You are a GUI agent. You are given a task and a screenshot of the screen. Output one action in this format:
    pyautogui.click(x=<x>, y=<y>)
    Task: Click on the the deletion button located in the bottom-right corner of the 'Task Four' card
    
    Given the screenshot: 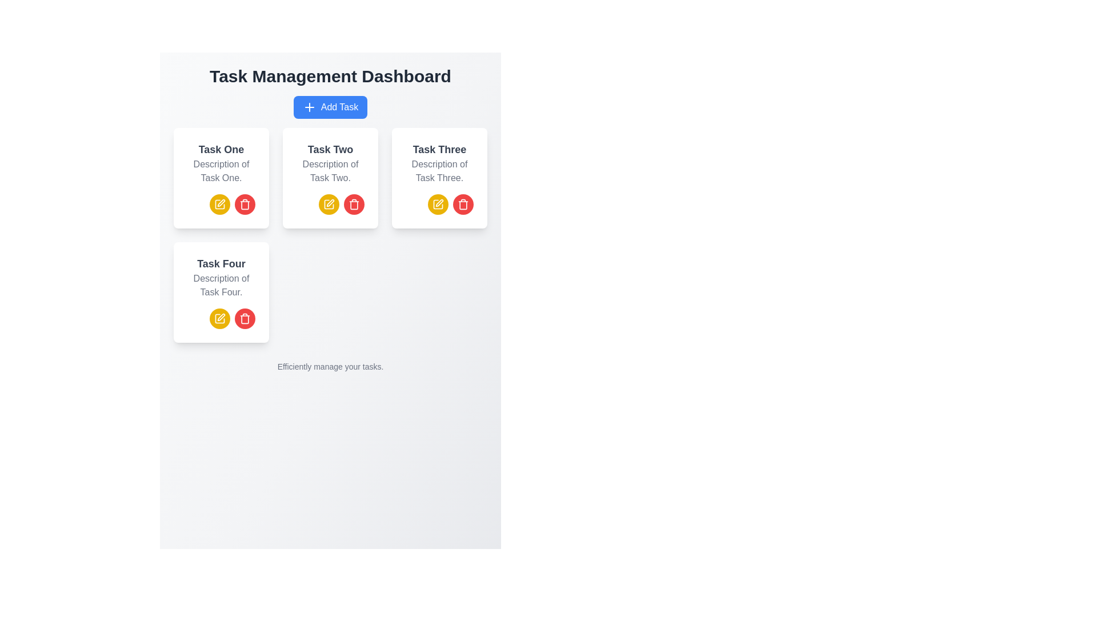 What is the action you would take?
    pyautogui.click(x=244, y=319)
    